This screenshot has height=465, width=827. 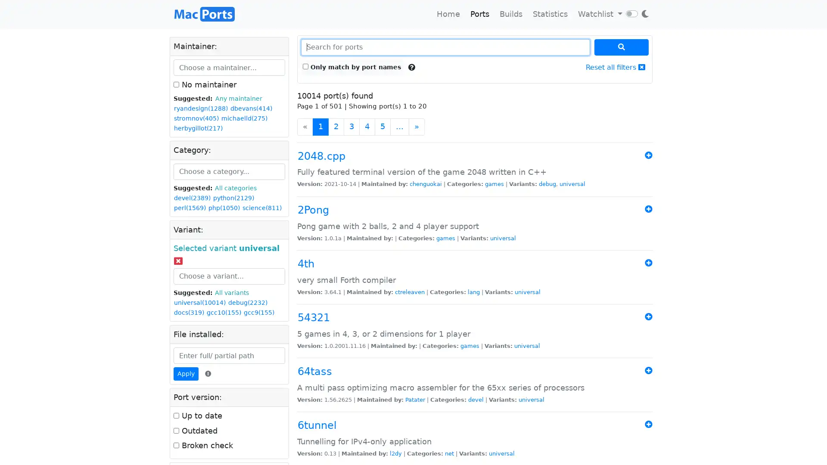 What do you see at coordinates (198, 128) in the screenshot?
I see `herbygillot(217)` at bounding box center [198, 128].